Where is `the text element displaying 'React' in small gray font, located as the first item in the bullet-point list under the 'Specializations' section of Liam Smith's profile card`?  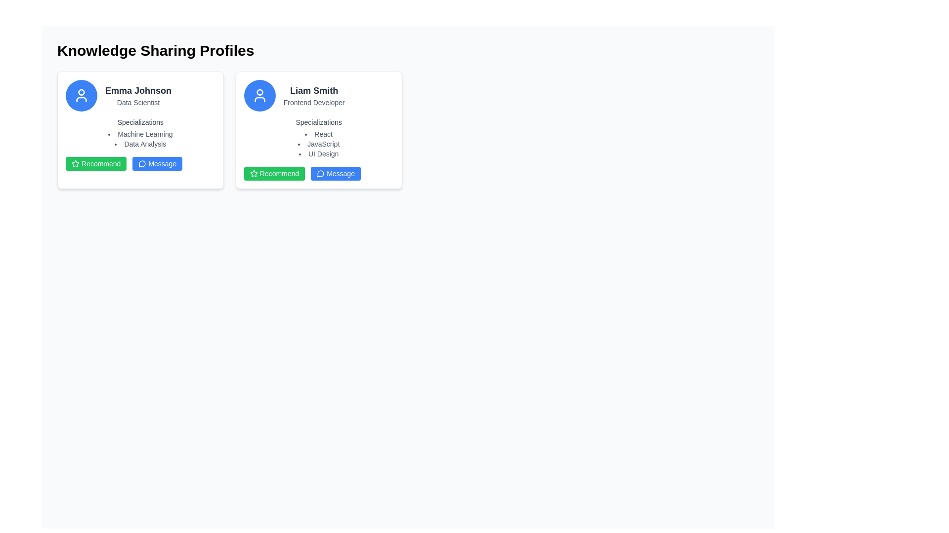
the text element displaying 'React' in small gray font, located as the first item in the bullet-point list under the 'Specializations' section of Liam Smith's profile card is located at coordinates (319, 134).